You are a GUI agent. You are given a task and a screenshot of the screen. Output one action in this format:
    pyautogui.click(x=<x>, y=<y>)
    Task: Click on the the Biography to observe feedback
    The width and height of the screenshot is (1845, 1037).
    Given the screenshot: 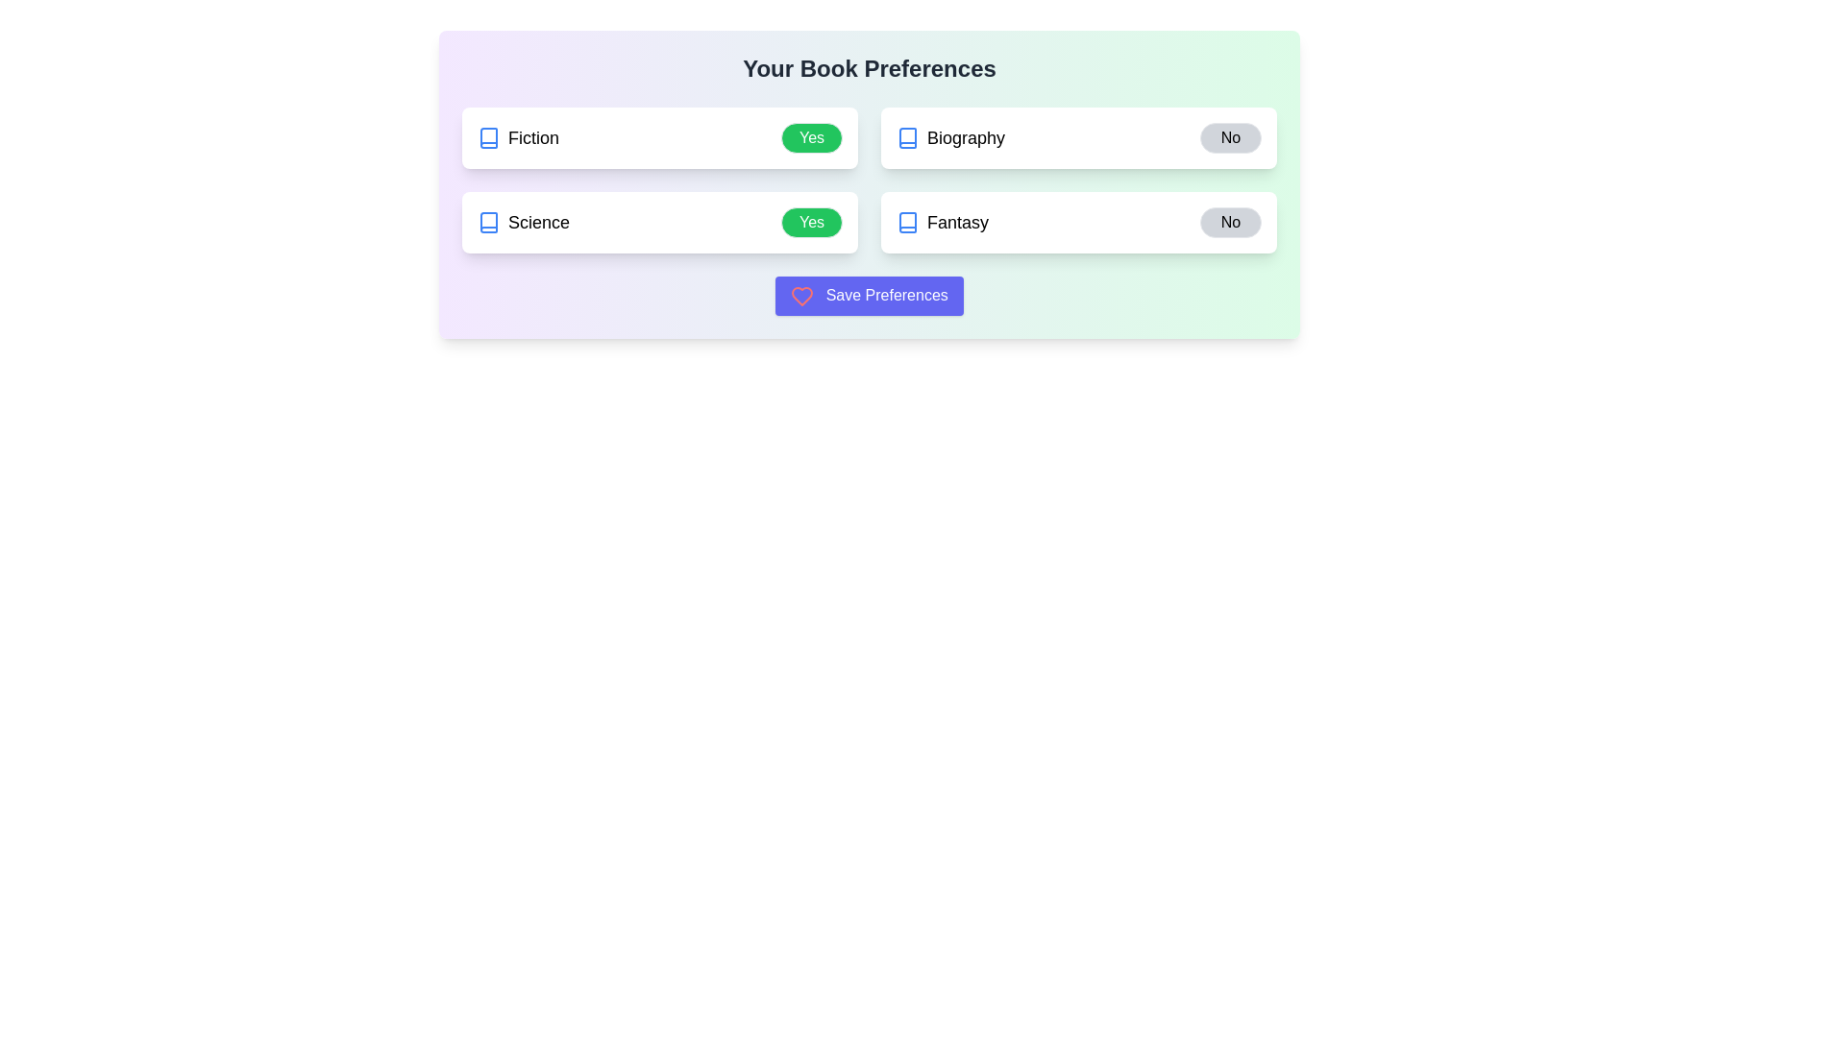 What is the action you would take?
    pyautogui.click(x=950, y=136)
    